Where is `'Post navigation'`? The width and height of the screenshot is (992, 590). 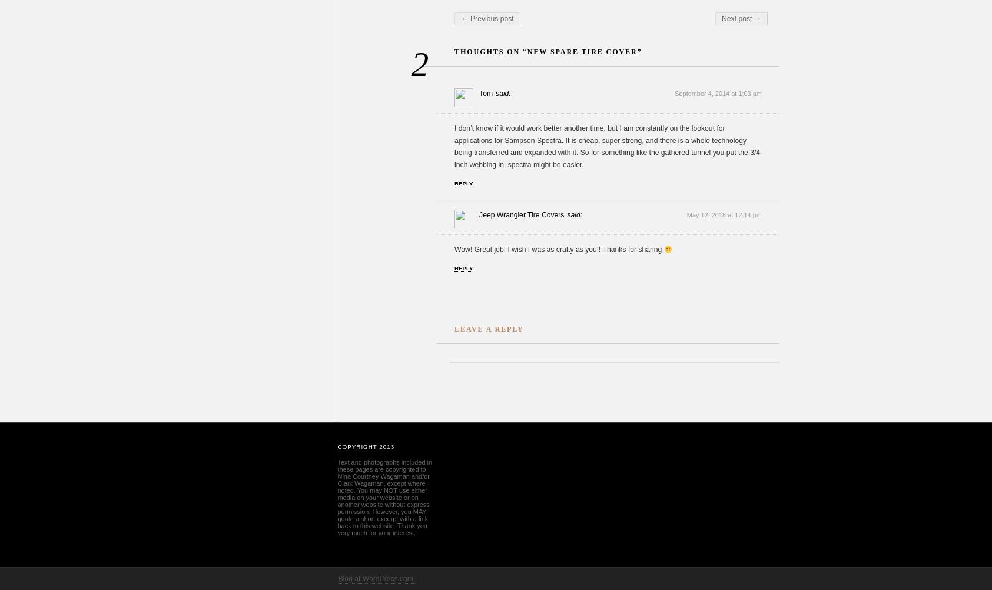 'Post navigation' is located at coordinates (480, 15).